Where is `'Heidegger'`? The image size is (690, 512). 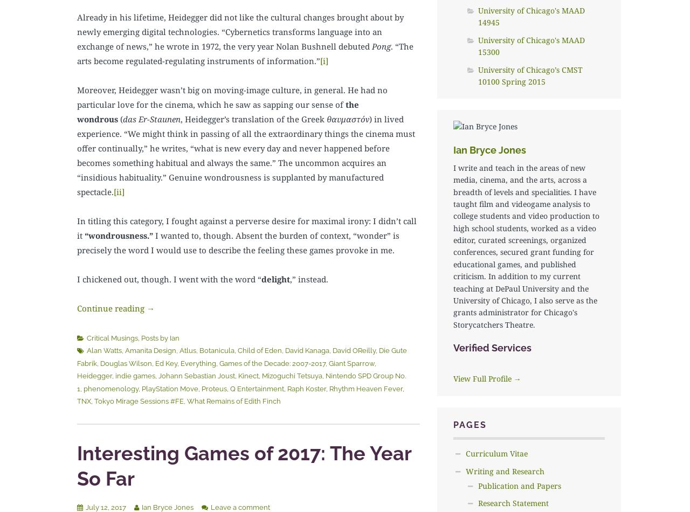
'Heidegger' is located at coordinates (94, 376).